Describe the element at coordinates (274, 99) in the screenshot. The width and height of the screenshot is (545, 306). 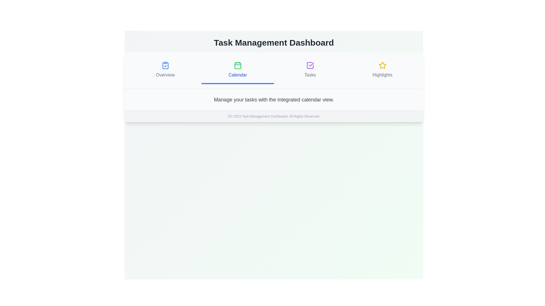
I see `the text block that provides information about the calendar view feature, located below the navigation tabs and above the footer text` at that location.